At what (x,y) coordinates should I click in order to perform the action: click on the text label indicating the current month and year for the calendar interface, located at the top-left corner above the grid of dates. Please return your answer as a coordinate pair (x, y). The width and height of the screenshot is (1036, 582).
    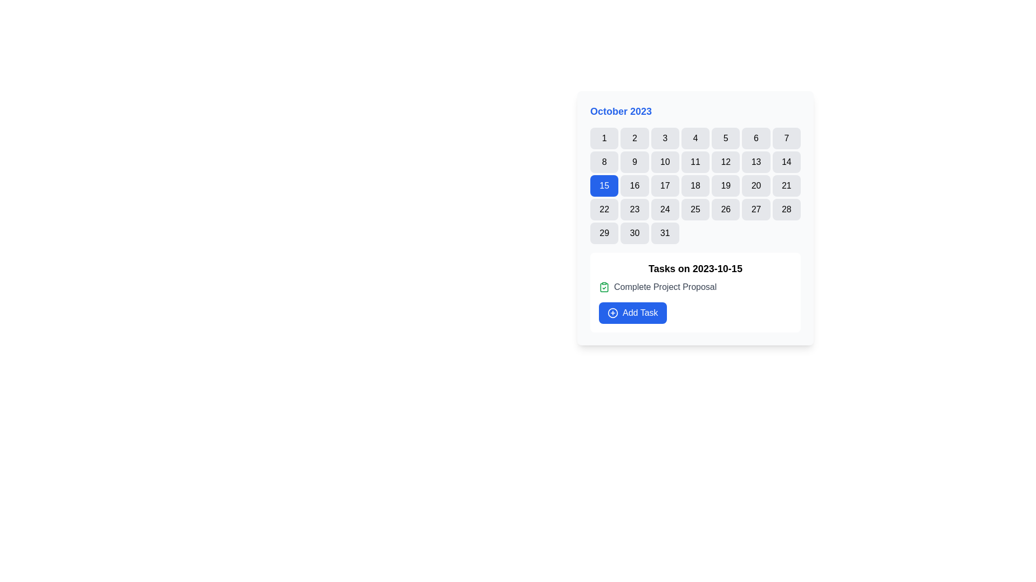
    Looking at the image, I should click on (621, 112).